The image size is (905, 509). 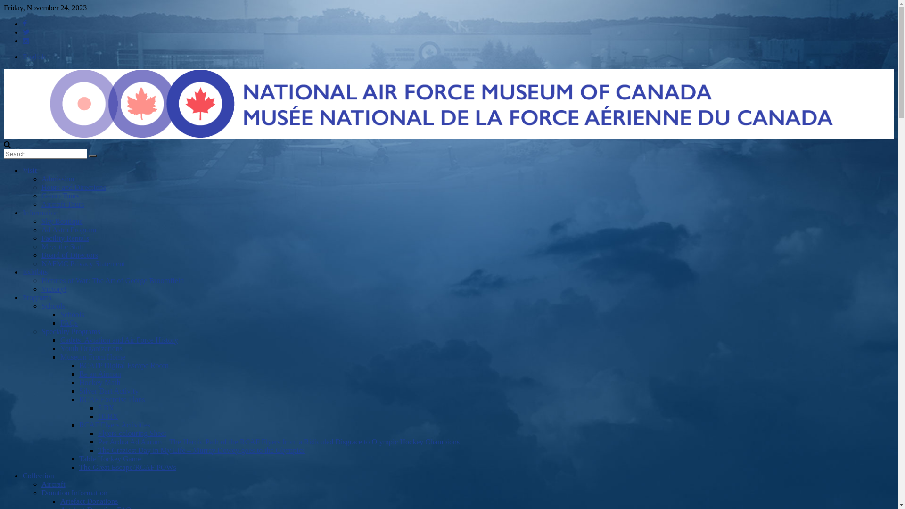 What do you see at coordinates (53, 306) in the screenshot?
I see `'Schools'` at bounding box center [53, 306].